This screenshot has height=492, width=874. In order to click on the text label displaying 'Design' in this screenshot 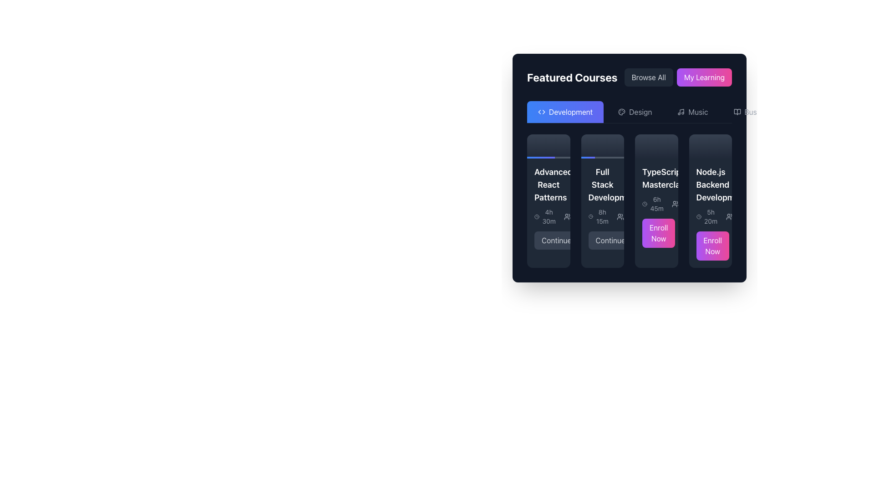, I will do `click(640, 112)`.